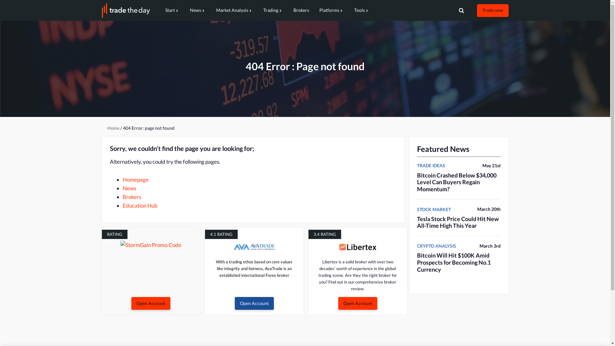 This screenshot has height=346, width=615. I want to click on 'Market Analysis', so click(234, 10).